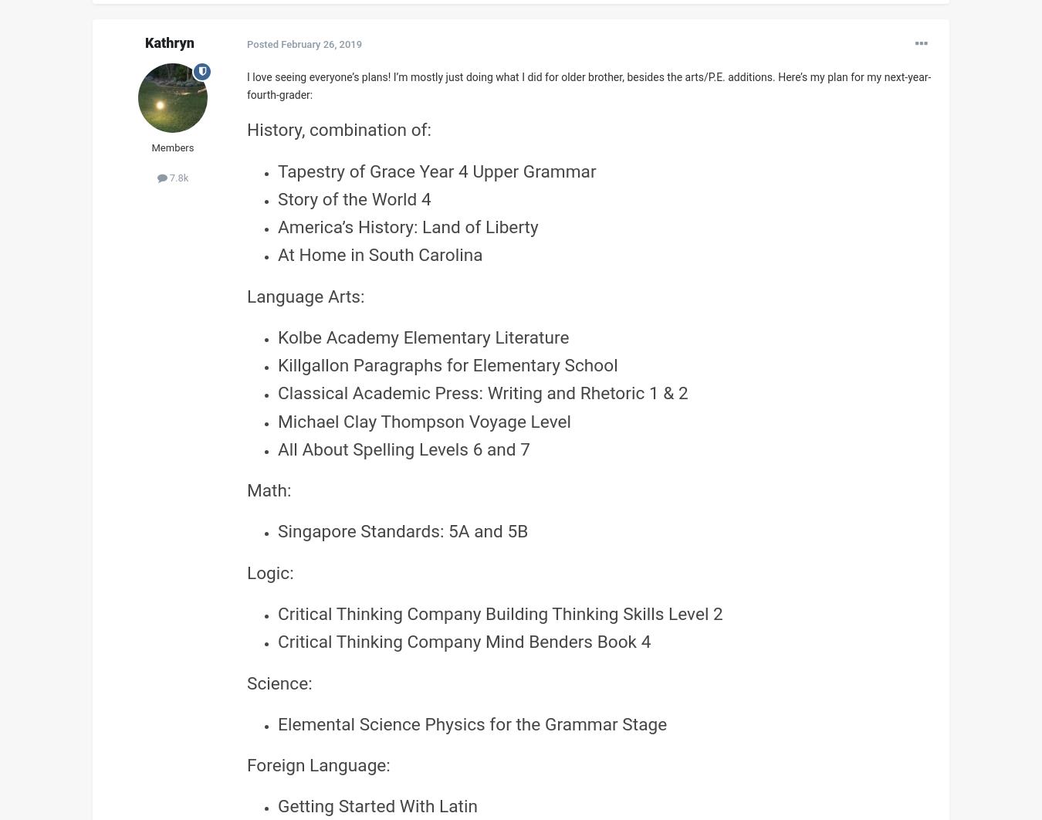 This screenshot has width=1042, height=820. I want to click on 'Critical Thinking Company Mind Benders Book 4', so click(278, 641).